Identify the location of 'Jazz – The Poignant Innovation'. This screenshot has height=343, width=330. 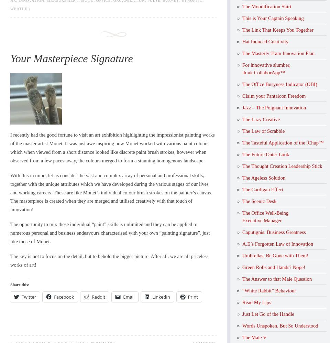
(274, 107).